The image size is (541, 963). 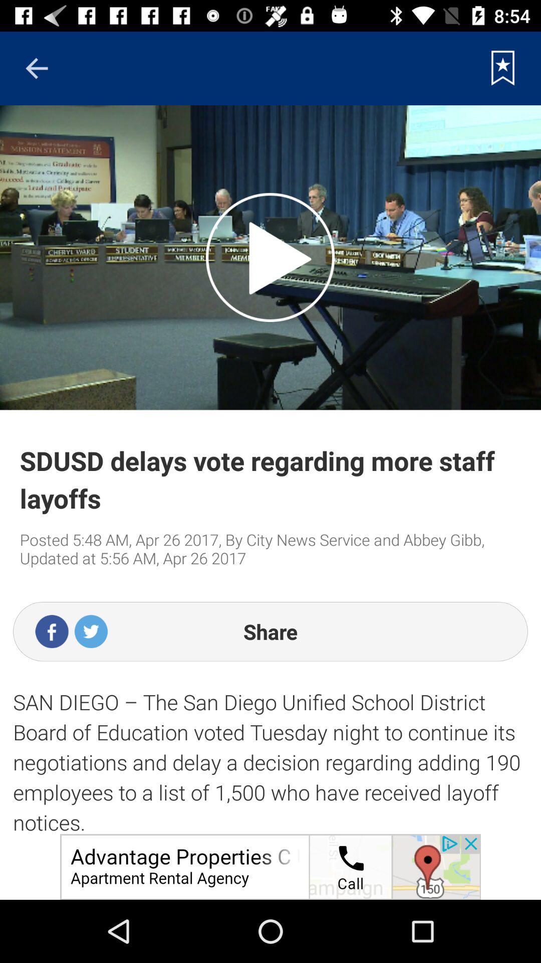 I want to click on switch autoplay option, so click(x=269, y=257).